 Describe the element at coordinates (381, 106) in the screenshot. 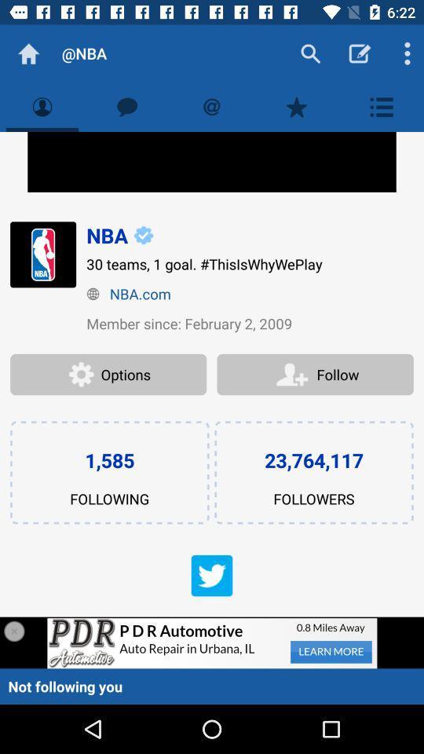

I see `the first tap from right in second line` at that location.